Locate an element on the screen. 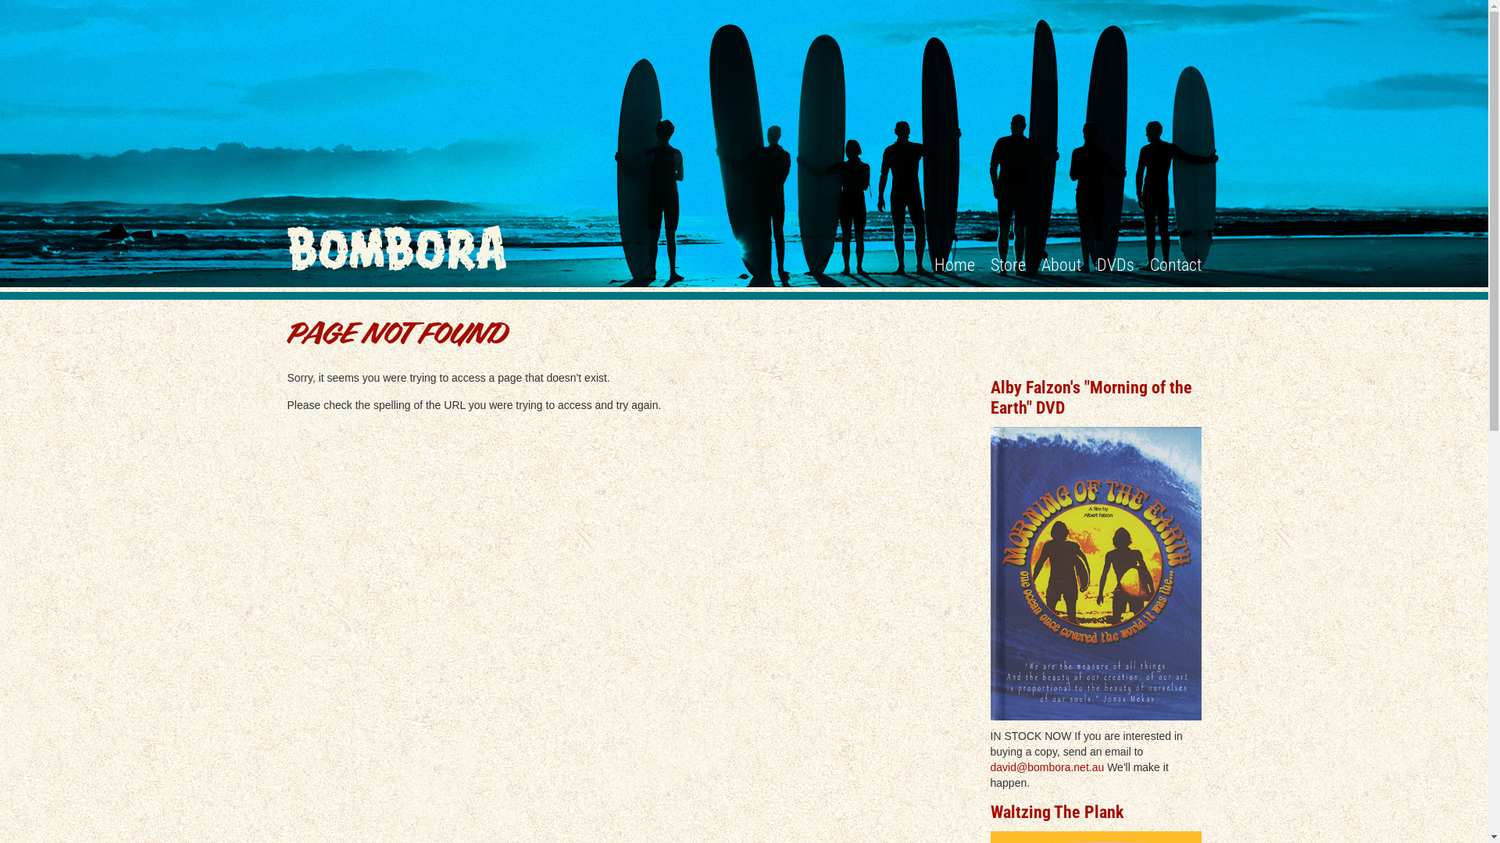 The width and height of the screenshot is (1500, 843). 'Home' is located at coordinates (934, 264).